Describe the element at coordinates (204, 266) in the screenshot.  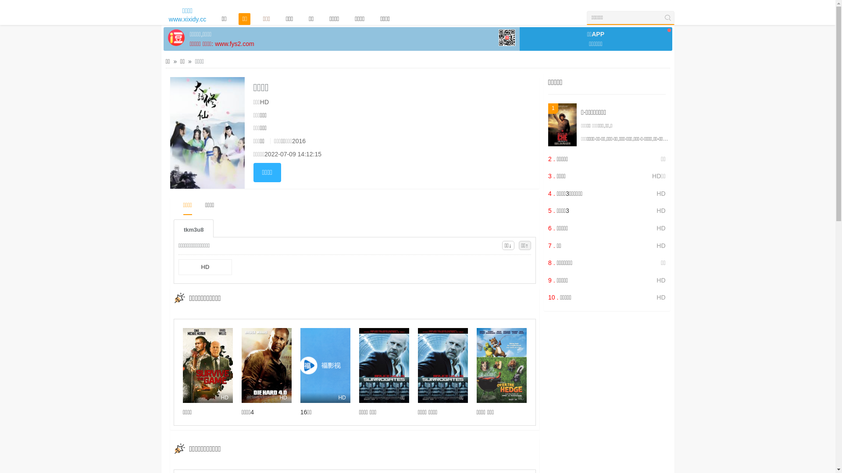
I see `'HD'` at that location.